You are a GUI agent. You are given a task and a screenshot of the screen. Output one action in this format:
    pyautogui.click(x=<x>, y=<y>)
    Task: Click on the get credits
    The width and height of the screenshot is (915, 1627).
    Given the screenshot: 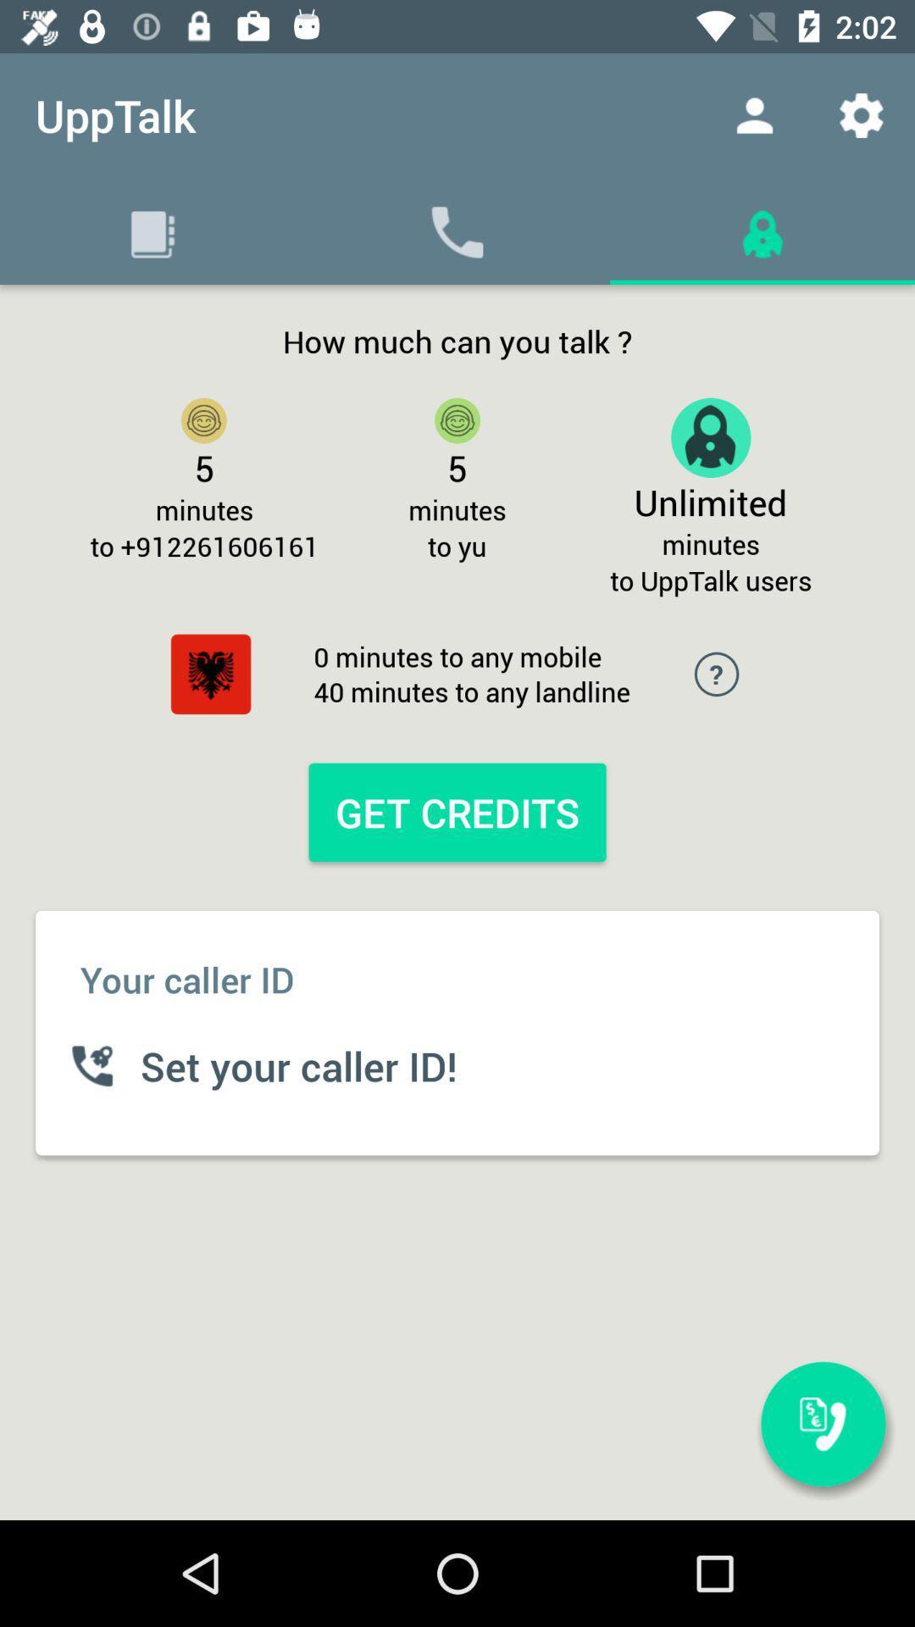 What is the action you would take?
    pyautogui.click(x=457, y=811)
    